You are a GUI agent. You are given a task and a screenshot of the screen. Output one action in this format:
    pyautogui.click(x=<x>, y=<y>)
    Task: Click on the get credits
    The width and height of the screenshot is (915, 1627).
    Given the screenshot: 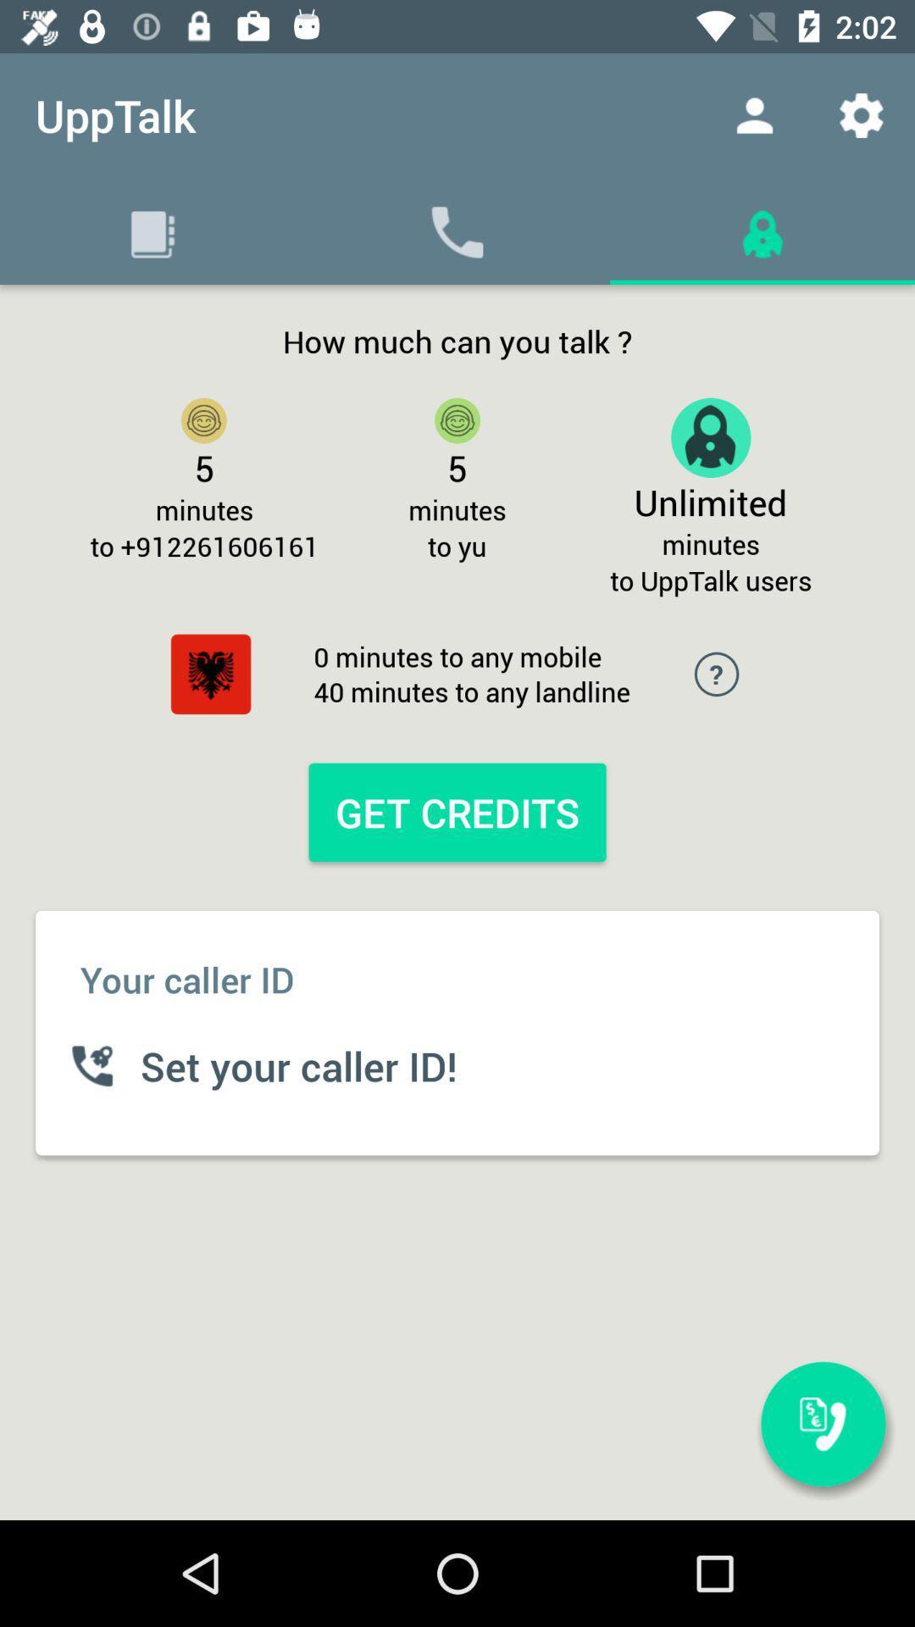 What is the action you would take?
    pyautogui.click(x=457, y=811)
    